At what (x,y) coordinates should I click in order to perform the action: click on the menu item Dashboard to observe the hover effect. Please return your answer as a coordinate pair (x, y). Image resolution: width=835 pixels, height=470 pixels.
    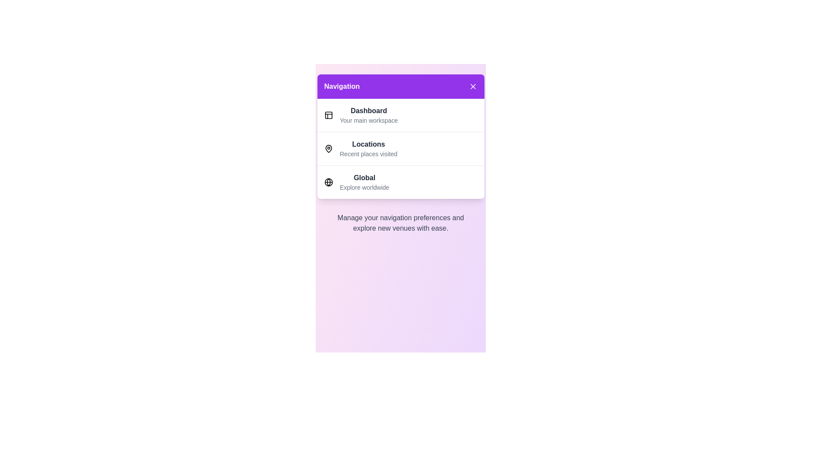
    Looking at the image, I should click on (400, 115).